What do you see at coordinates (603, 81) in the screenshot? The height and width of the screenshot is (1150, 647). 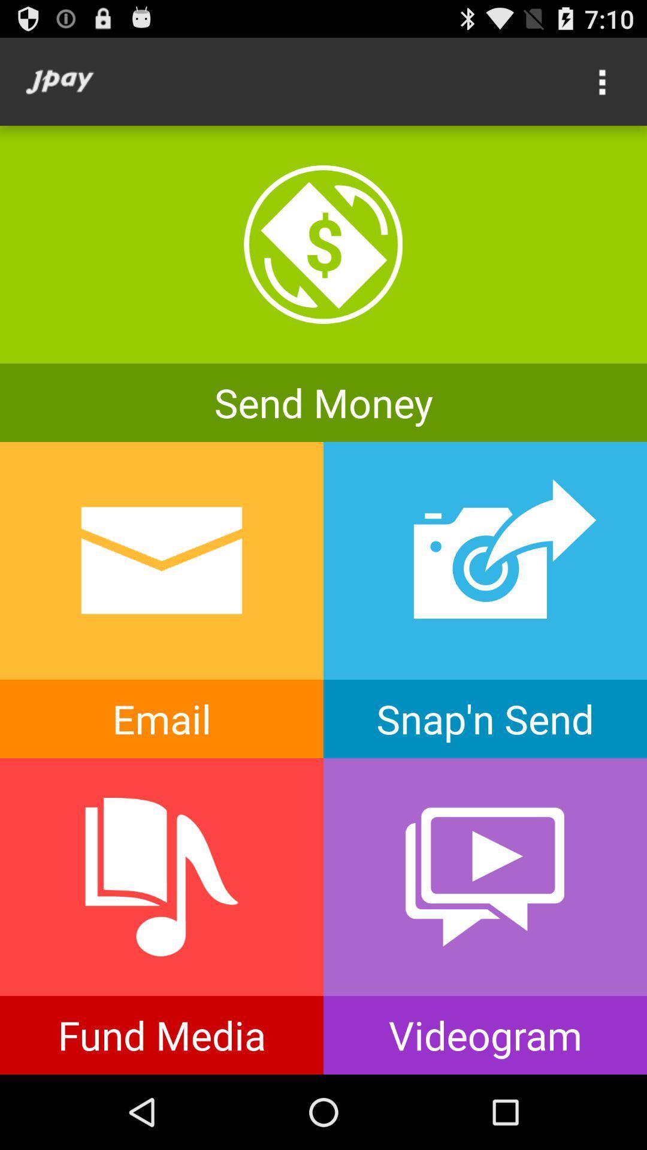 I see `expand the setting` at bounding box center [603, 81].